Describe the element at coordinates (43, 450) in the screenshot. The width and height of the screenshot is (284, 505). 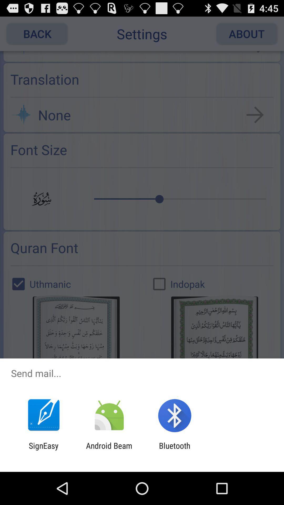
I see `the signeasy icon` at that location.